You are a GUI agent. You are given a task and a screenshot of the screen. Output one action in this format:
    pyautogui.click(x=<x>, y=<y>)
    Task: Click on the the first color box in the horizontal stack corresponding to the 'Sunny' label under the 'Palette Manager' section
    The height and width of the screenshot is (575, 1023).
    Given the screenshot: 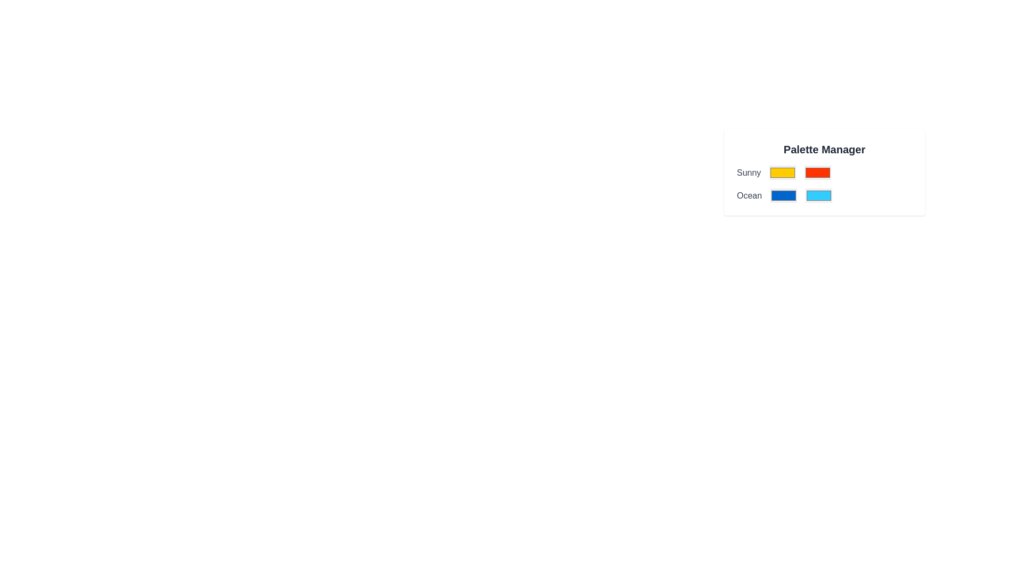 What is the action you would take?
    pyautogui.click(x=783, y=172)
    